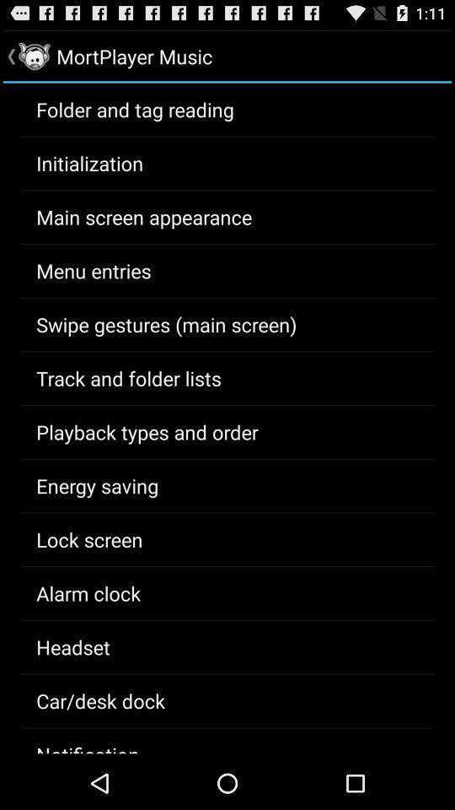 This screenshot has width=455, height=810. Describe the element at coordinates (72, 646) in the screenshot. I see `the headset app` at that location.